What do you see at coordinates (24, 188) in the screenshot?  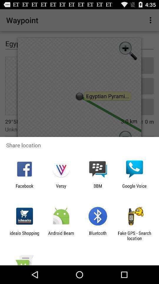 I see `the facebook app` at bounding box center [24, 188].